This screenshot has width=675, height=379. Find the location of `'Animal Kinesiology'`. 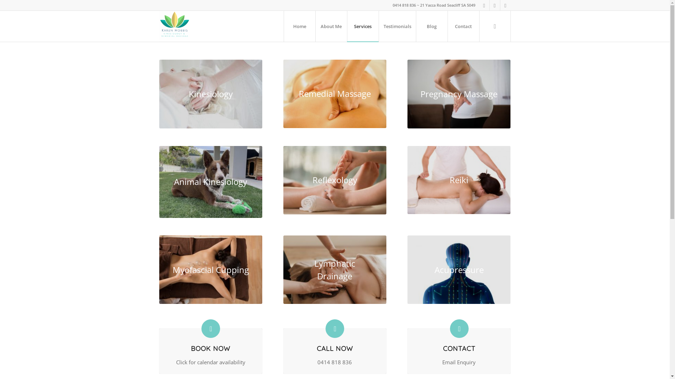

'Animal Kinesiology' is located at coordinates (210, 181).